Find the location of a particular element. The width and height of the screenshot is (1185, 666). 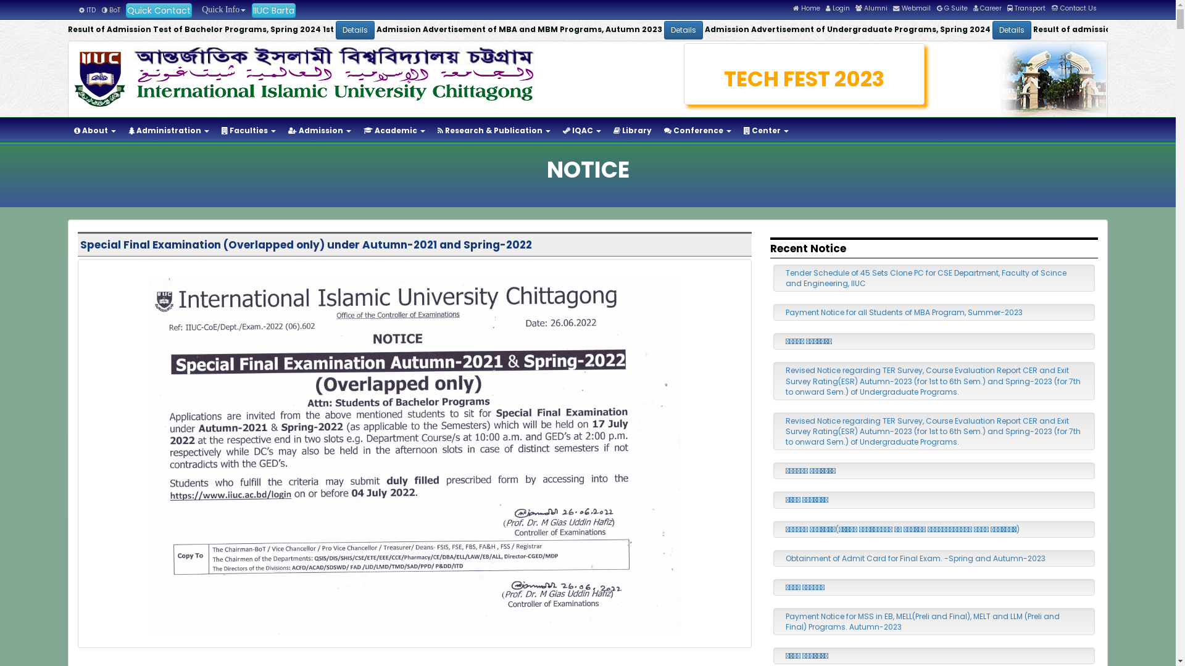

'Library' is located at coordinates (633, 131).